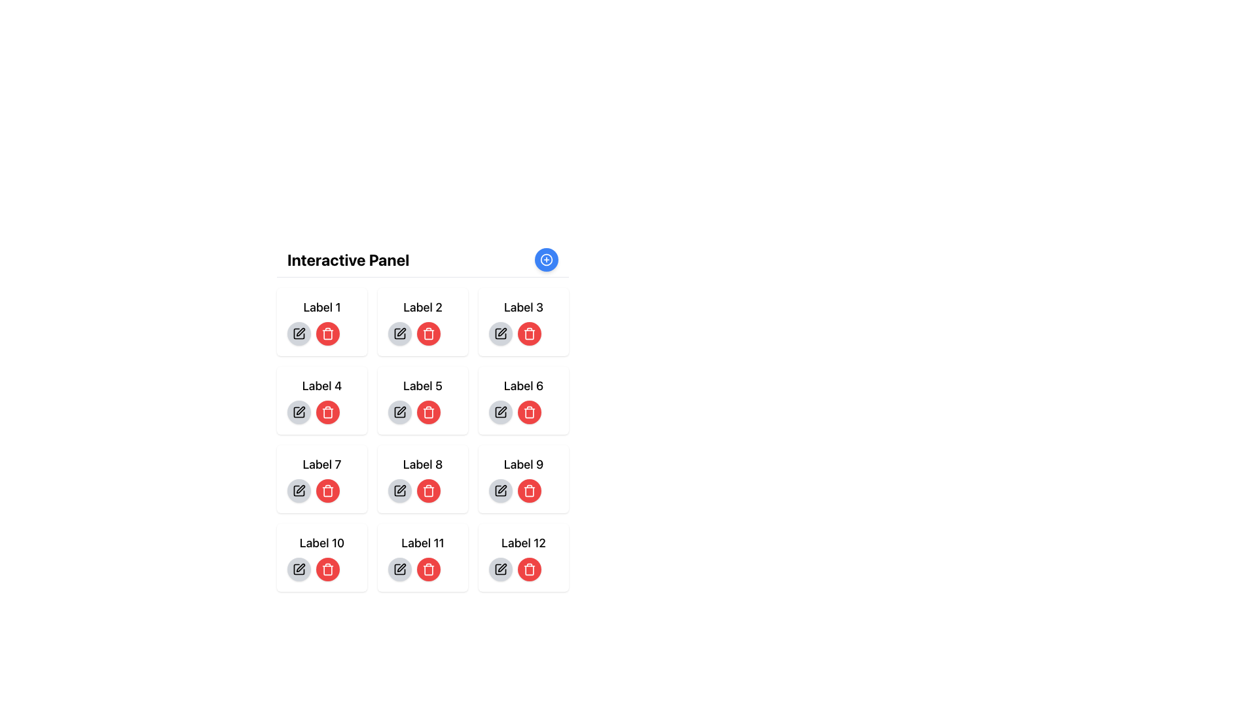  What do you see at coordinates (530, 411) in the screenshot?
I see `the delete icon located within the circular red button in the grid structure under 'Label 8'` at bounding box center [530, 411].